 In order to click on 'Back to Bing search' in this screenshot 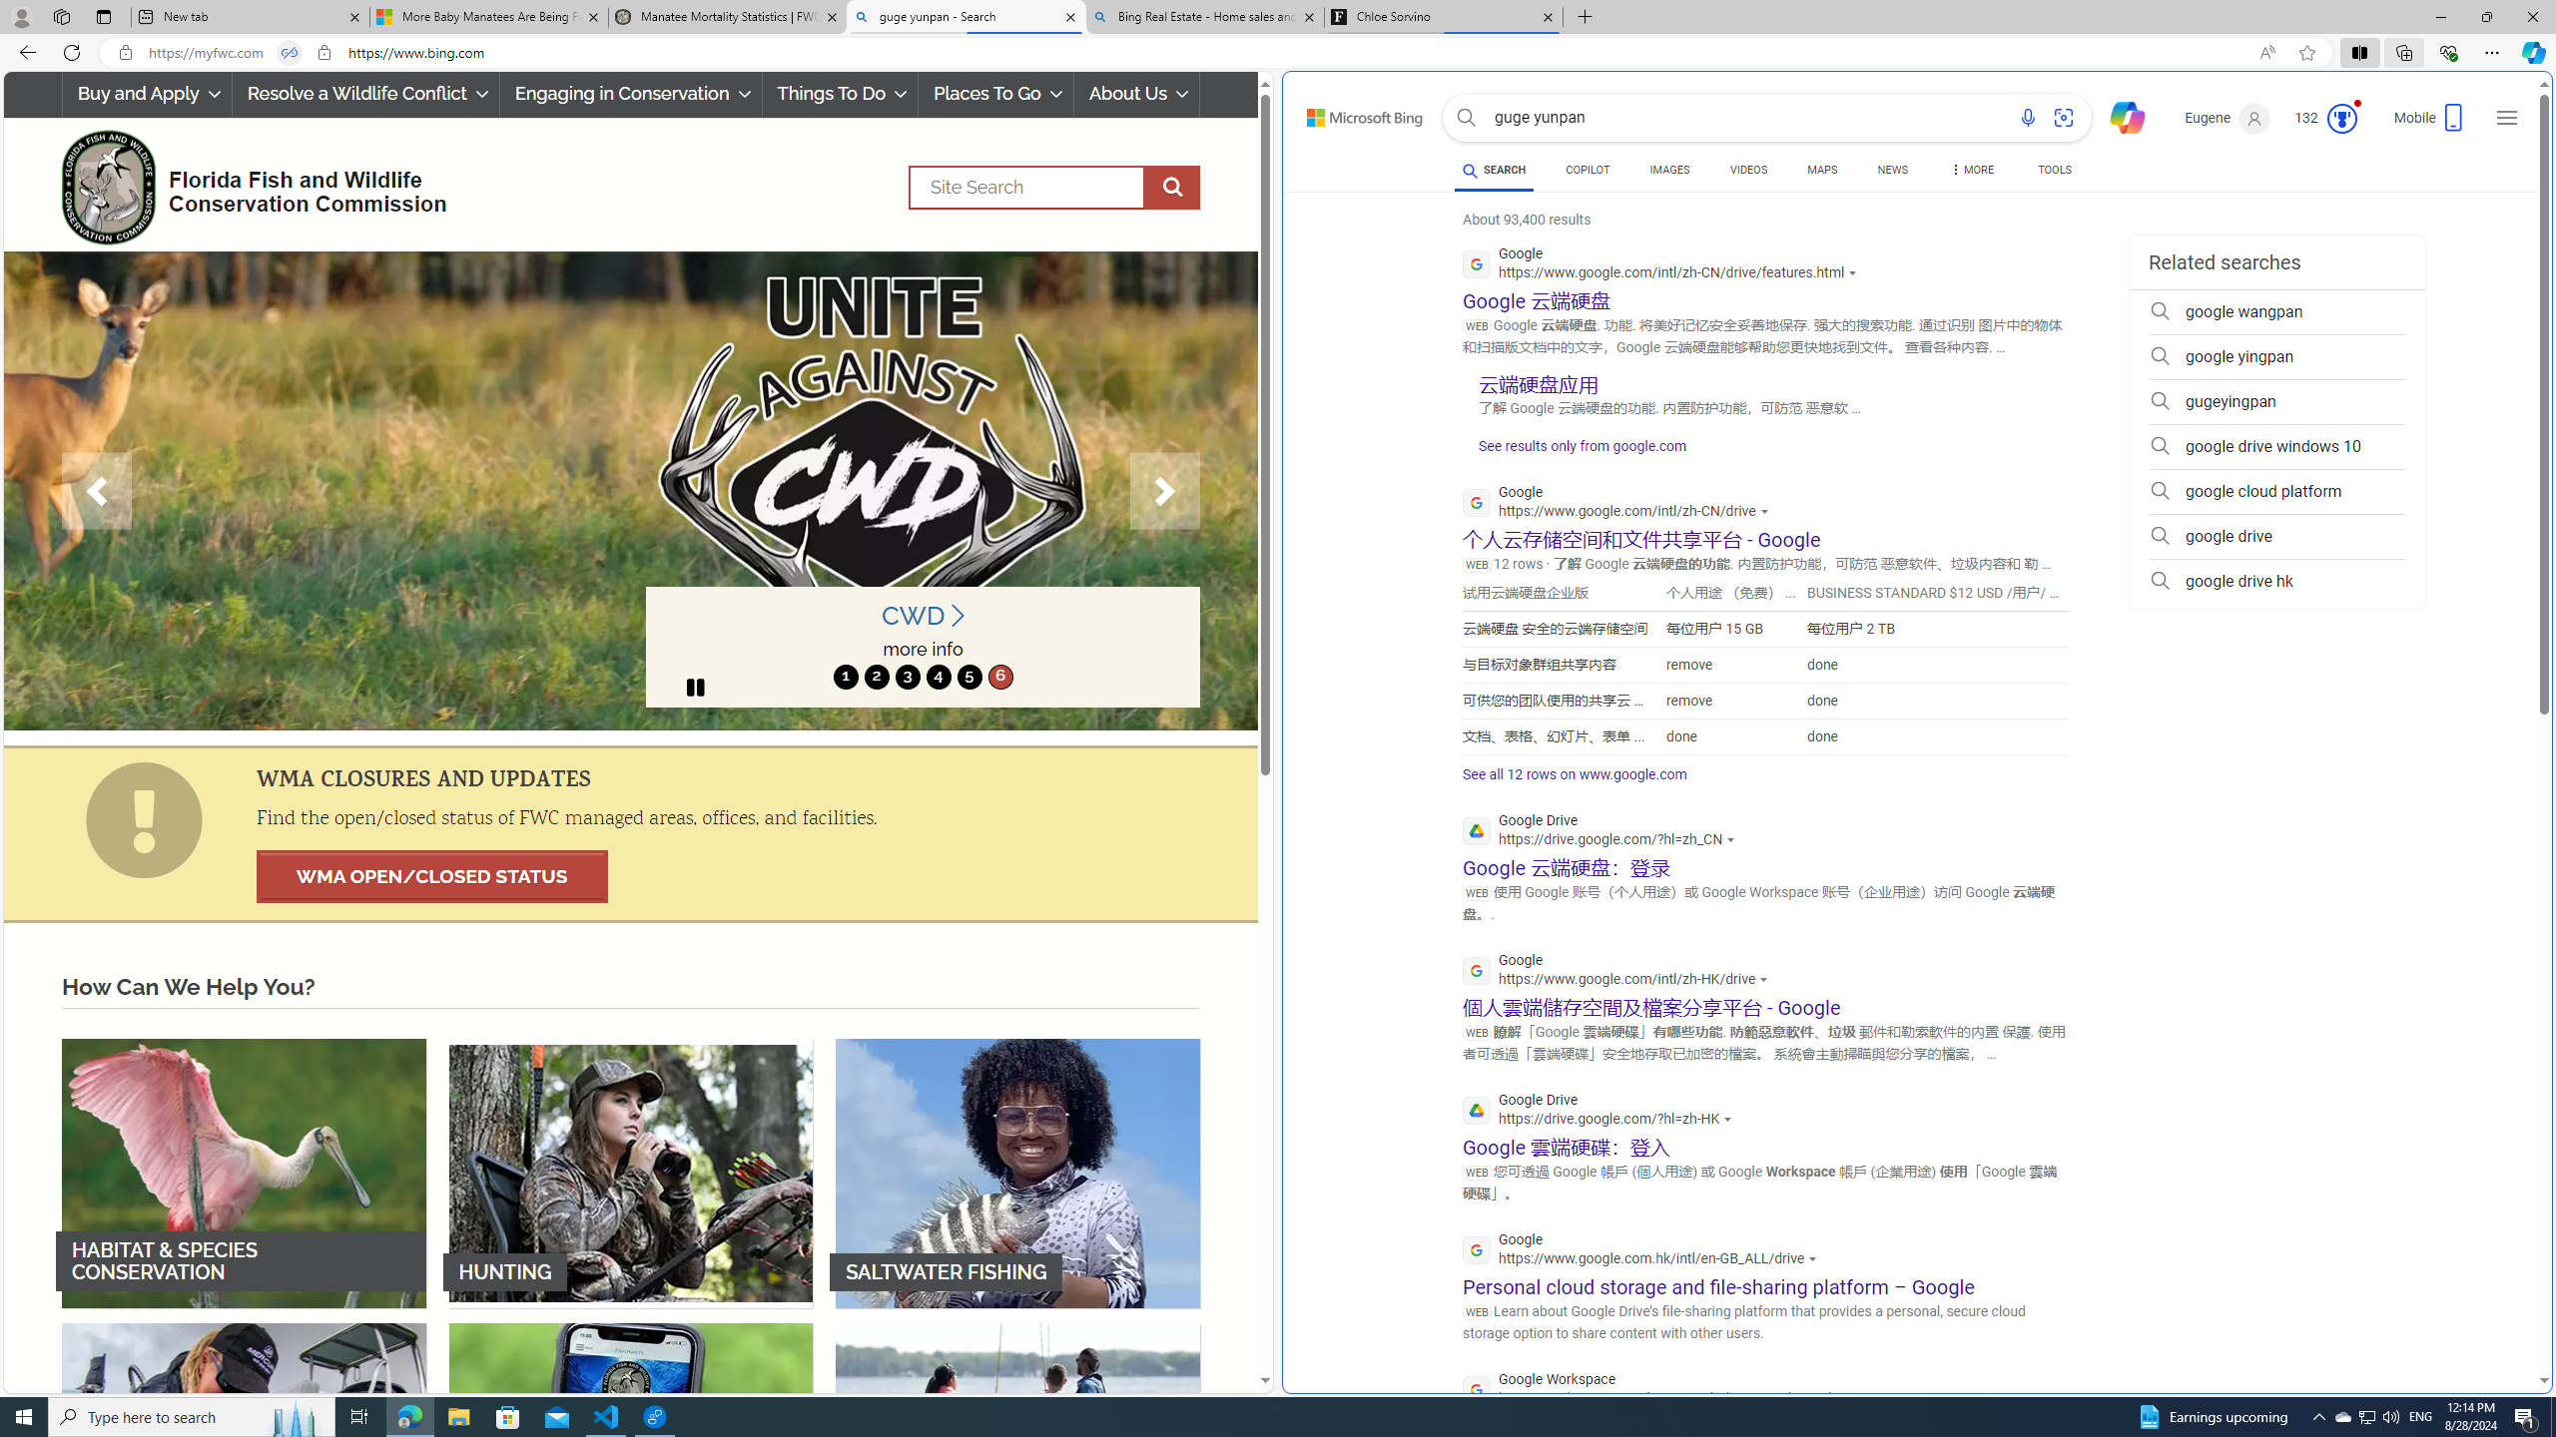, I will do `click(1352, 112)`.